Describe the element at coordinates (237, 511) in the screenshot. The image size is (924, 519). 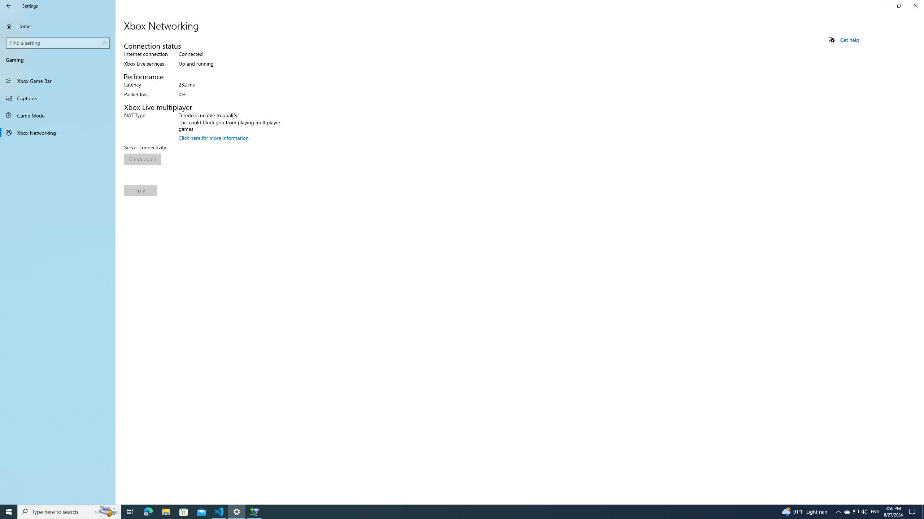
I see `'Settings - 1 running window'` at that location.